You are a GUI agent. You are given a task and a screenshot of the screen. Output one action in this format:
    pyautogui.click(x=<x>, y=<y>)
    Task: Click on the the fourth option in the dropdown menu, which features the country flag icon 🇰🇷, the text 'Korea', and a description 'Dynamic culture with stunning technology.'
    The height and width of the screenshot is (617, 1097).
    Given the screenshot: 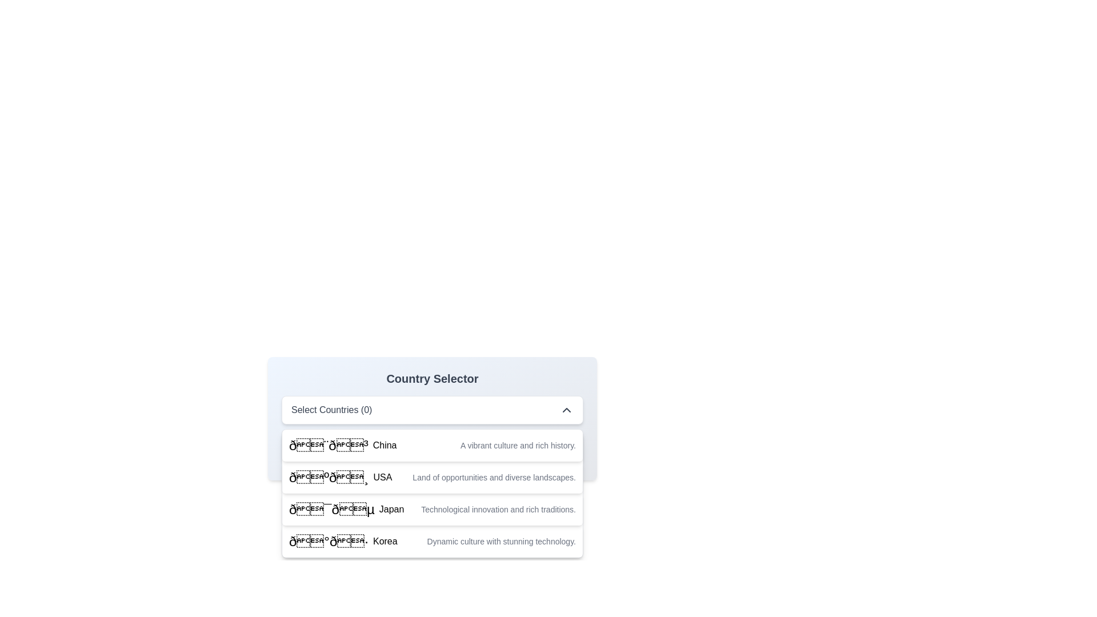 What is the action you would take?
    pyautogui.click(x=432, y=541)
    